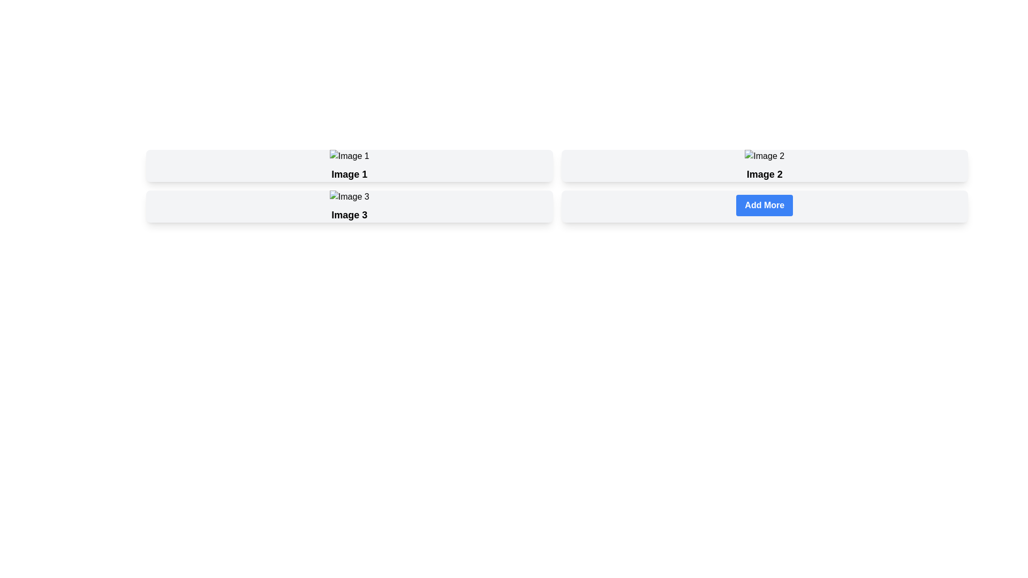  Describe the element at coordinates (349, 206) in the screenshot. I see `the third card in the grid layout that displays a placeholder for 'Image 3' and its associated label` at that location.